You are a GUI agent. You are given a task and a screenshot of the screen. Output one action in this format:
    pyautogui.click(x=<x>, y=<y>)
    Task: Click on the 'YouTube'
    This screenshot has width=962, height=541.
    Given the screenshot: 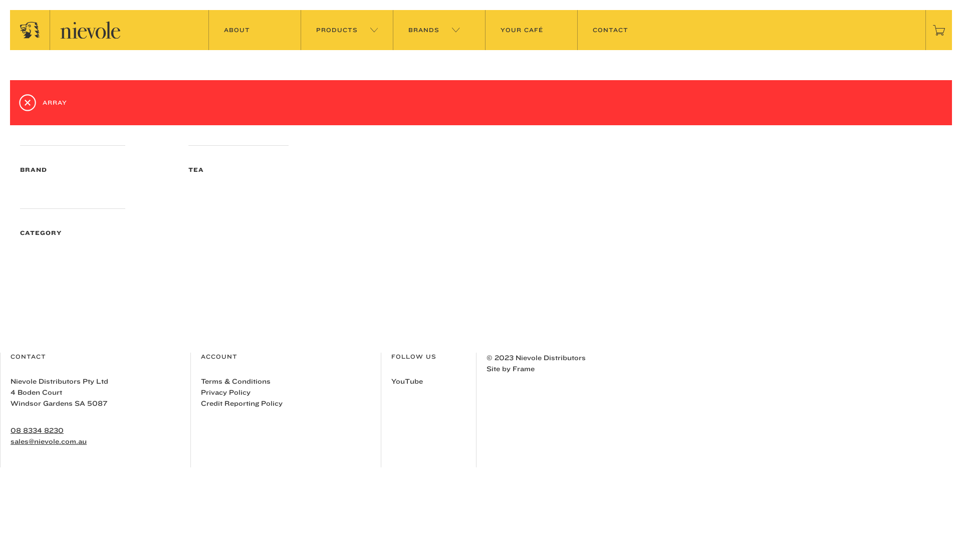 What is the action you would take?
    pyautogui.click(x=407, y=381)
    